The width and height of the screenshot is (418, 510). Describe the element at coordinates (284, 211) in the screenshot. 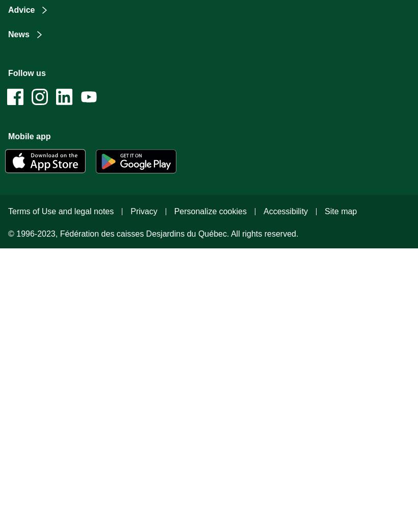

I see `'Accessibility'` at that location.